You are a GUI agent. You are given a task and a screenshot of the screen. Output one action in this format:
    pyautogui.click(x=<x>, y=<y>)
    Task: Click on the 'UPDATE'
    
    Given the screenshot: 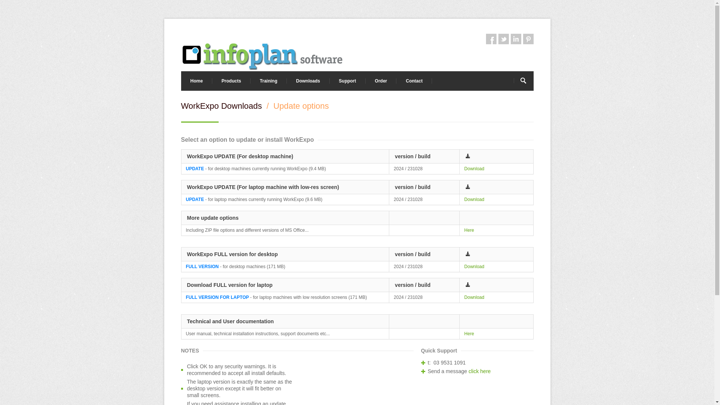 What is the action you would take?
    pyautogui.click(x=195, y=169)
    